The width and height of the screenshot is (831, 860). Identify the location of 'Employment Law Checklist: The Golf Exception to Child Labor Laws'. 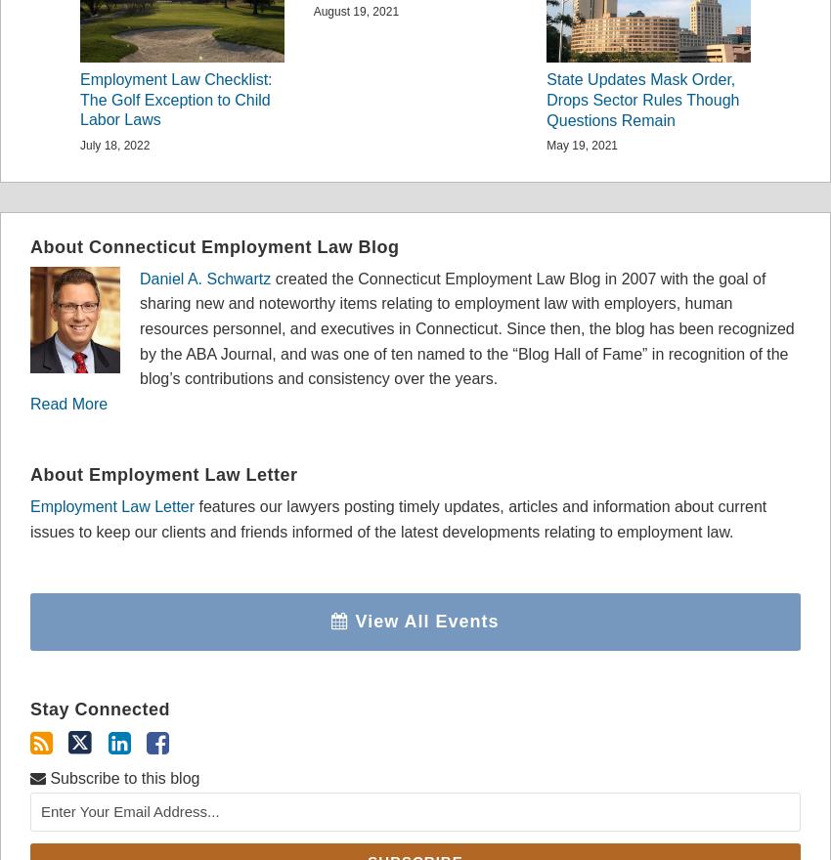
(175, 98).